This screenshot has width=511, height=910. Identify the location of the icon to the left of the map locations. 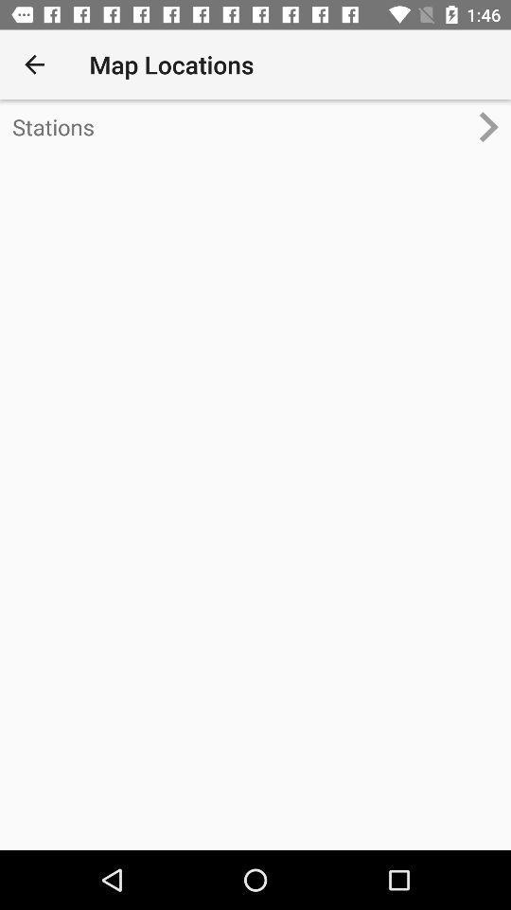
(34, 64).